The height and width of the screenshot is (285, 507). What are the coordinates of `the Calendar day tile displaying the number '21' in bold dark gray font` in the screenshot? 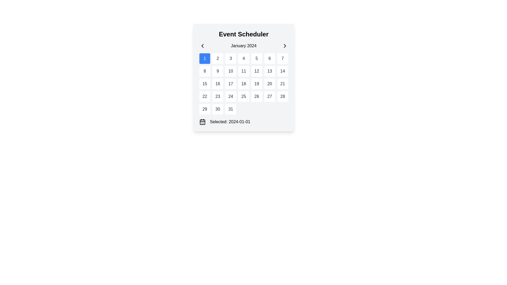 It's located at (282, 83).